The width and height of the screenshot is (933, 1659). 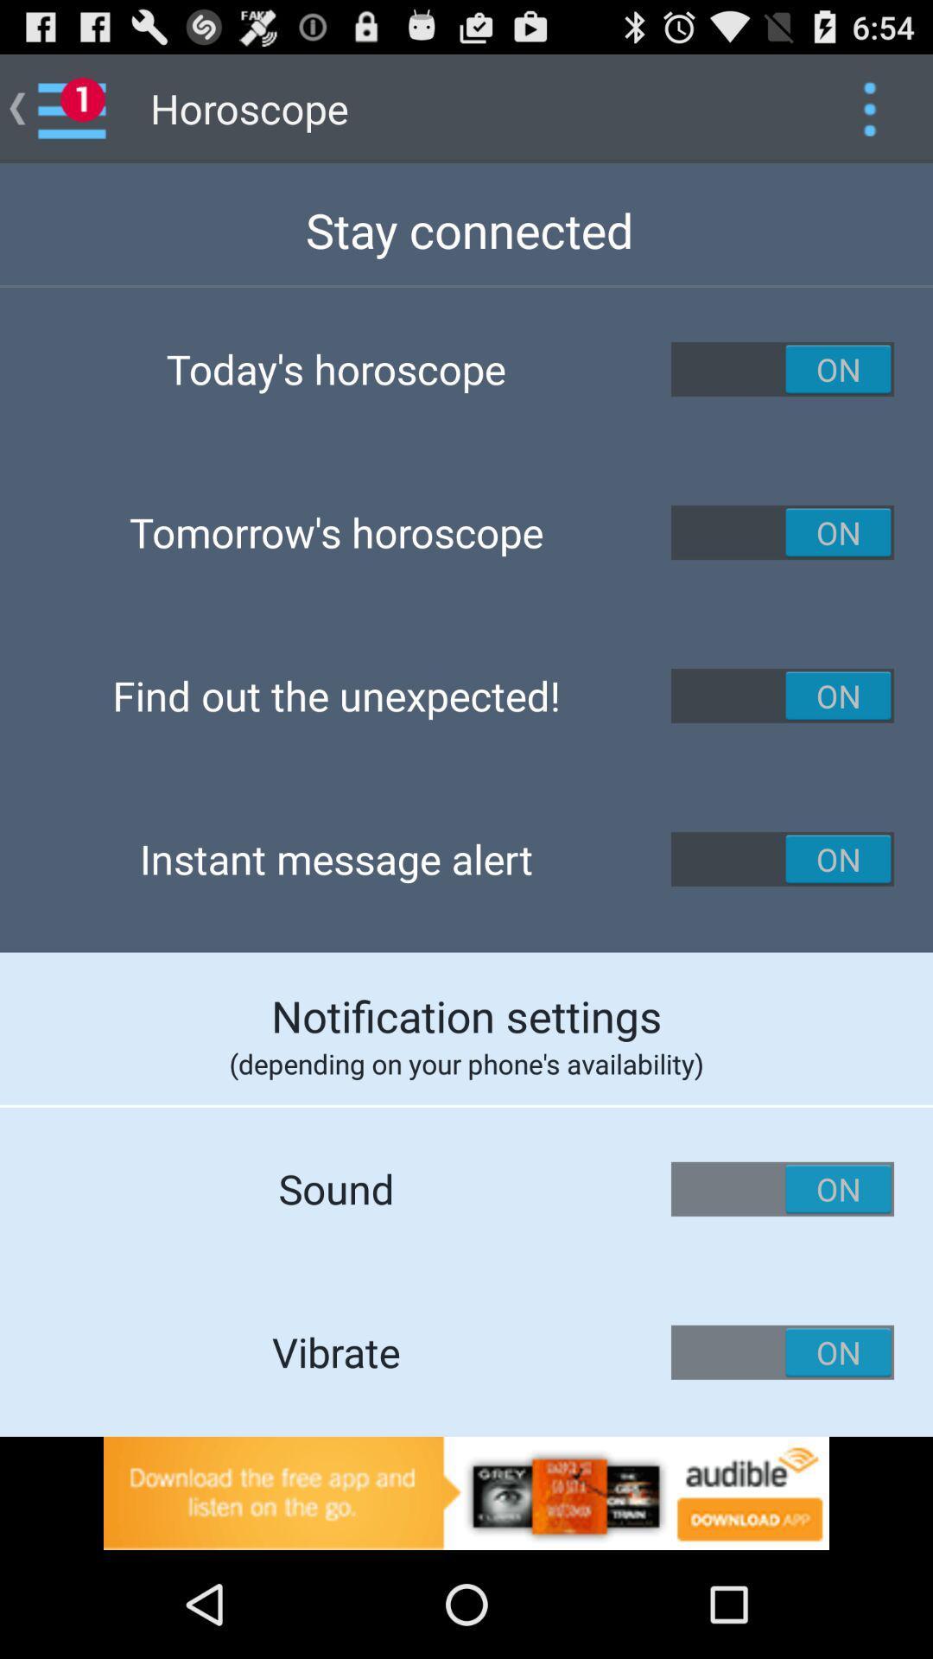 I want to click on turn on/off instant message alert, so click(x=783, y=859).